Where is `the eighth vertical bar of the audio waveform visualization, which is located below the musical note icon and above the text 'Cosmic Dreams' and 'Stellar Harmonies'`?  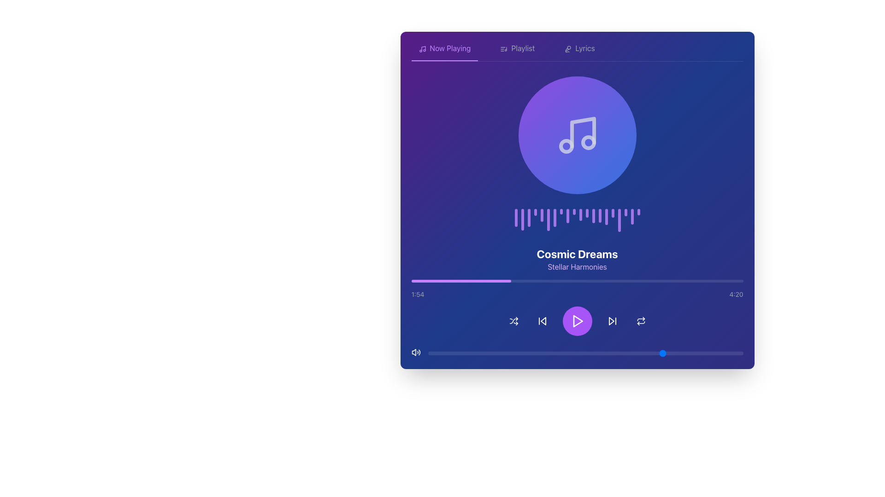
the eighth vertical bar of the audio waveform visualization, which is located below the musical note icon and above the text 'Cosmic Dreams' and 'Stellar Harmonies' is located at coordinates (560, 211).